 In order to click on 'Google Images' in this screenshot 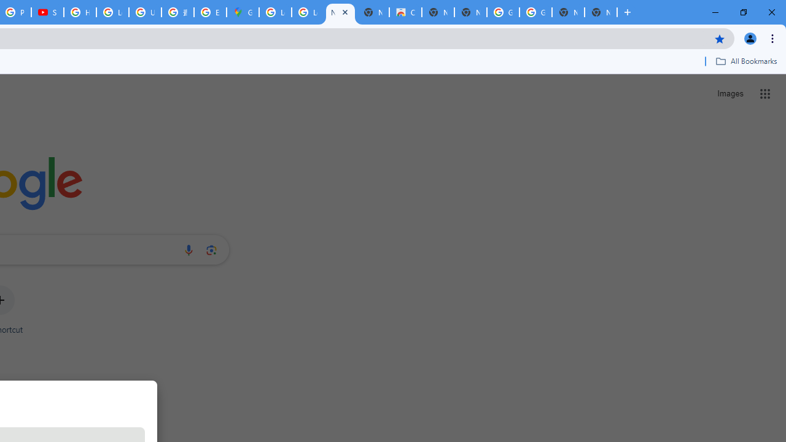, I will do `click(535, 12)`.